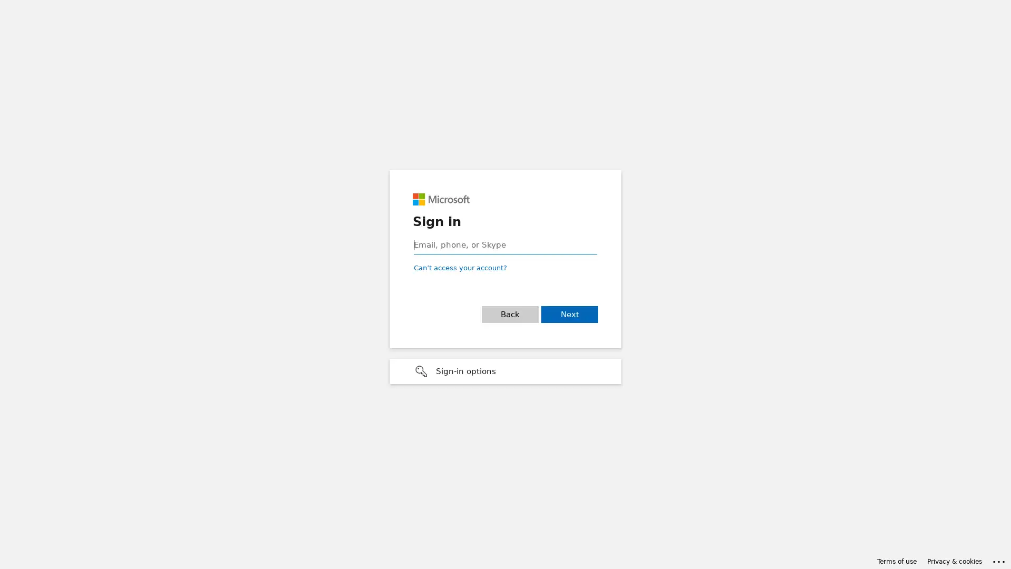  Describe the element at coordinates (510, 314) in the screenshot. I see `Back` at that location.